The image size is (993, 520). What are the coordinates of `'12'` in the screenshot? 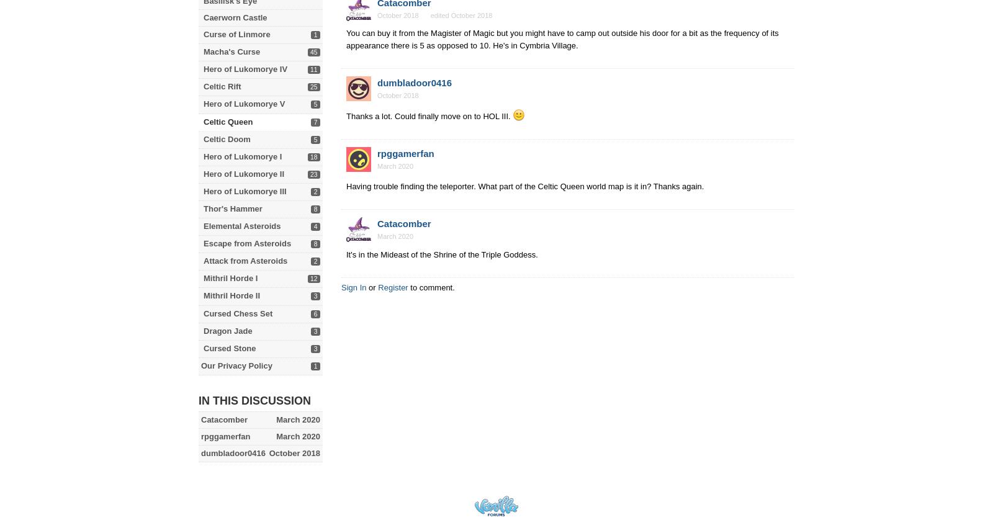 It's located at (310, 279).